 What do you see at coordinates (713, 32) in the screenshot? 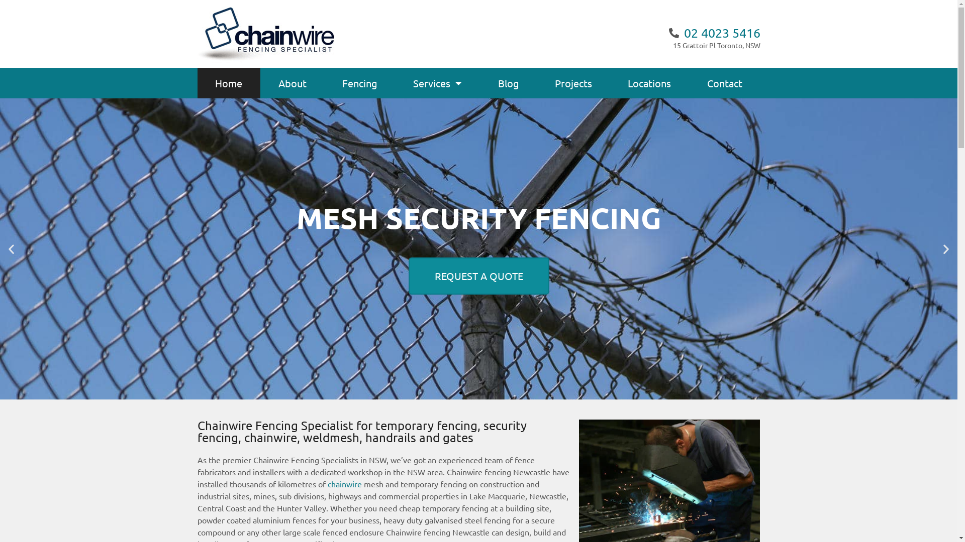
I see `'02 4023 5416'` at bounding box center [713, 32].